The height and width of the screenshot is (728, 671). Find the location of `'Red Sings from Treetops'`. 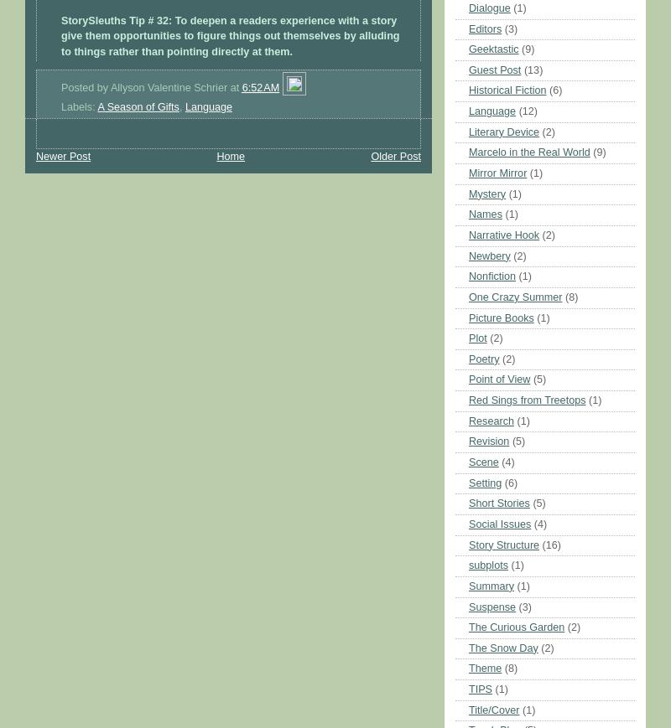

'Red Sings from Treetops' is located at coordinates (468, 400).